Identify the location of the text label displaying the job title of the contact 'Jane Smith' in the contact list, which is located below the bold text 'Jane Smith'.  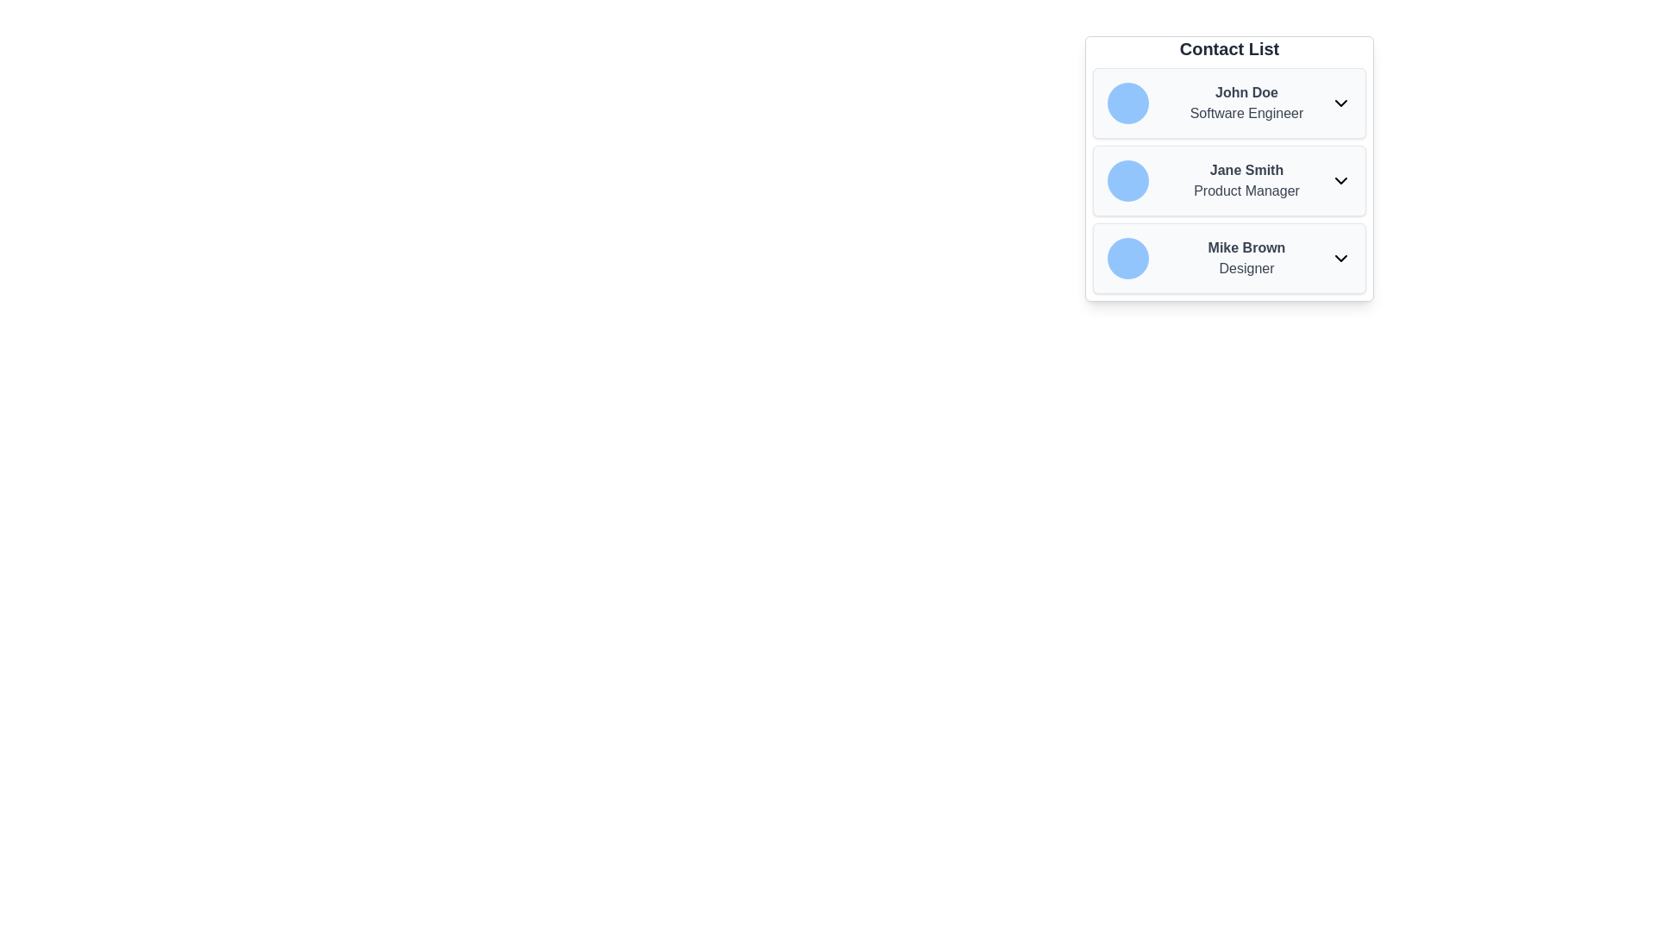
(1246, 191).